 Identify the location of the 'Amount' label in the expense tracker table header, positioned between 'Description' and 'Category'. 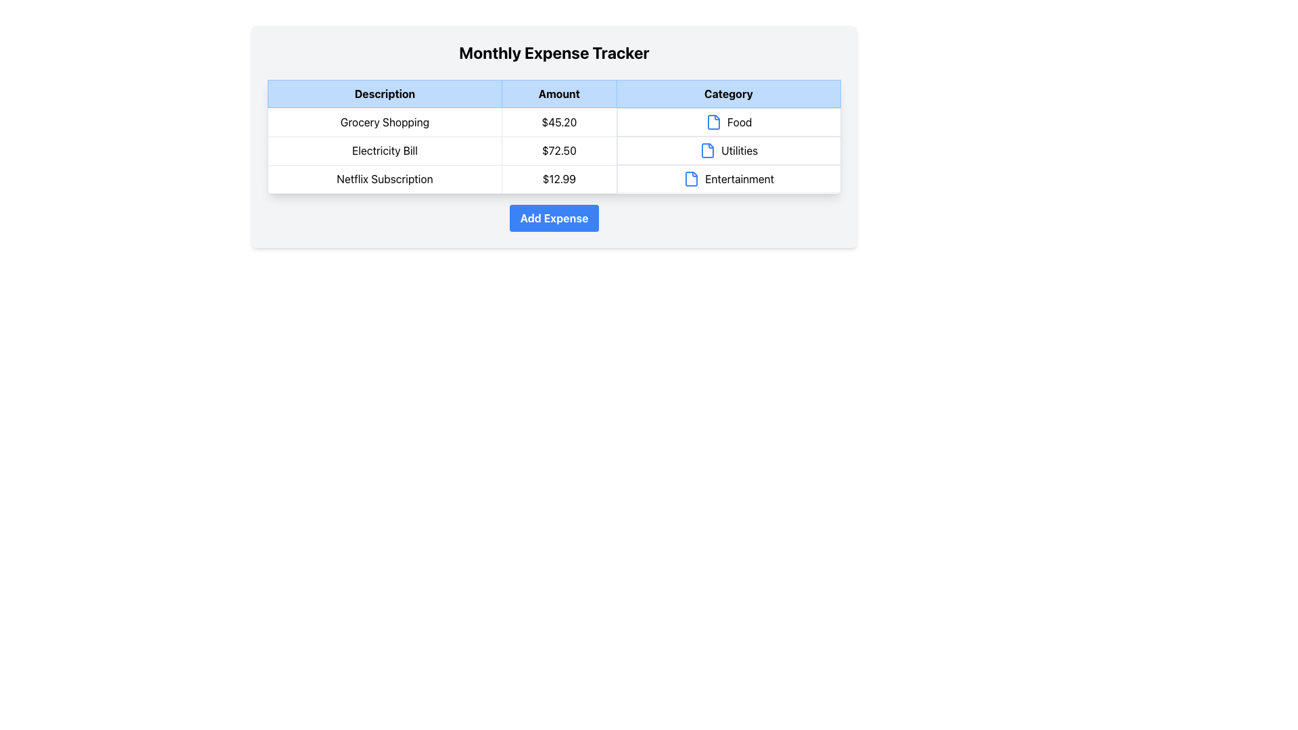
(559, 93).